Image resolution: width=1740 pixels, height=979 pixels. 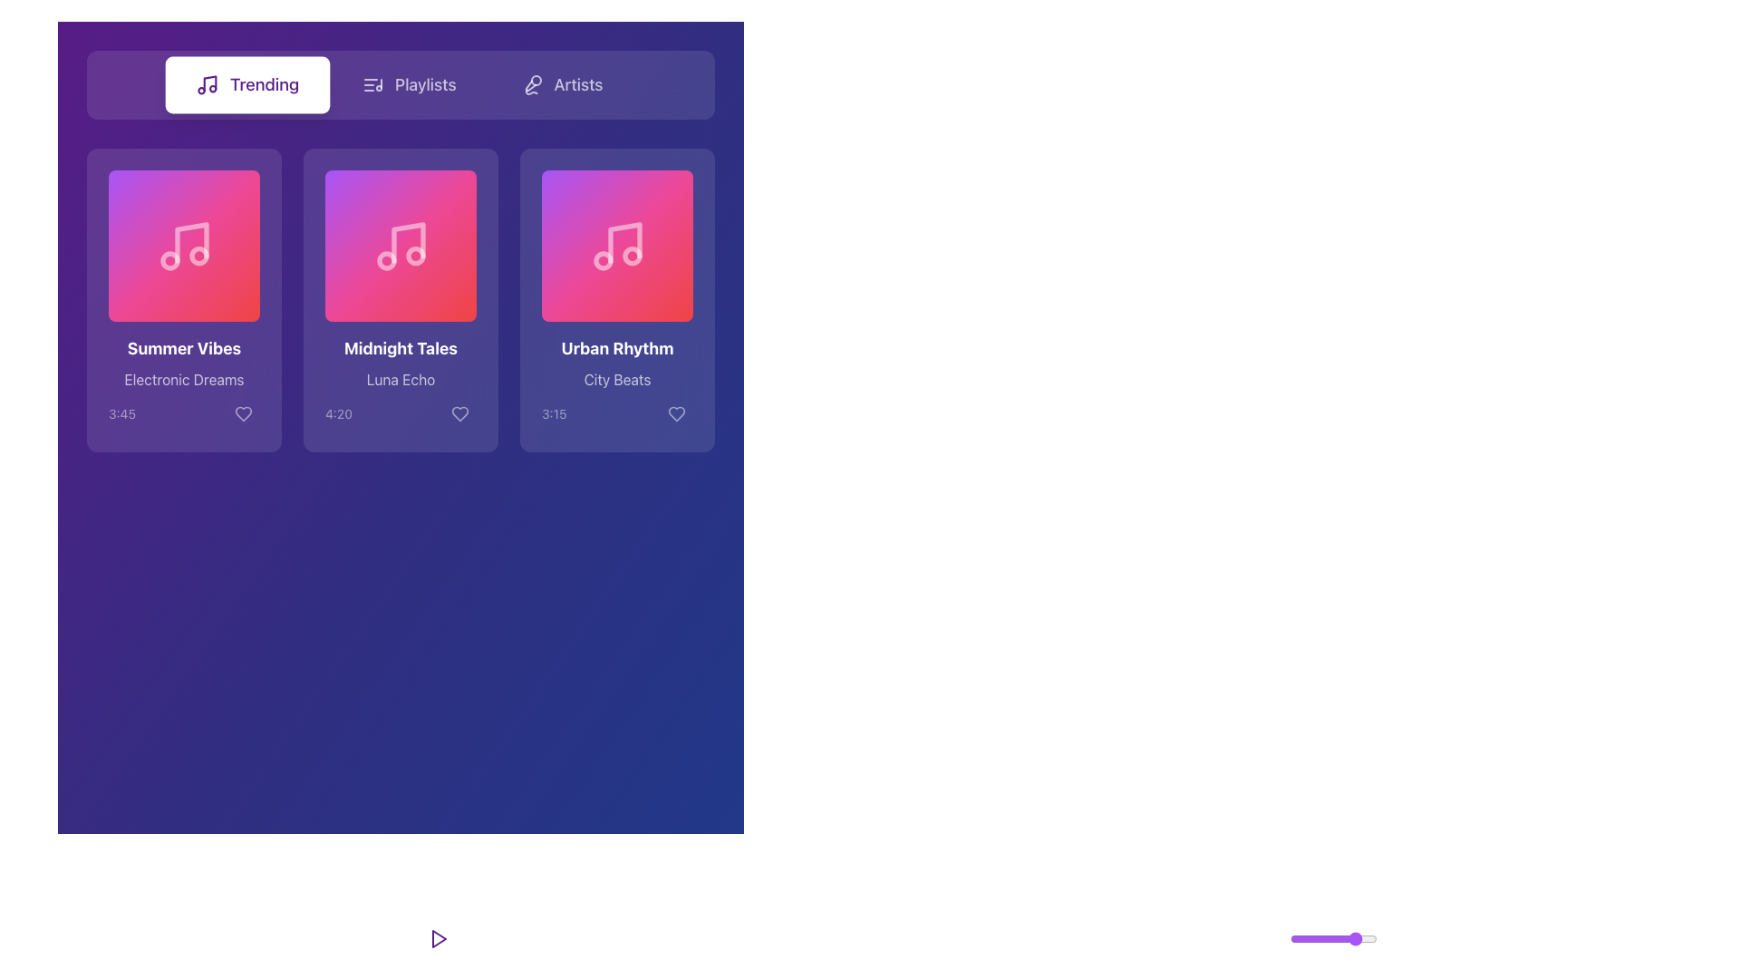 What do you see at coordinates (400, 379) in the screenshot?
I see `the static text element displaying 'Luna Echo', which is located within the card layout under 'Midnight Tales' and above the timestamp '4:20'` at bounding box center [400, 379].